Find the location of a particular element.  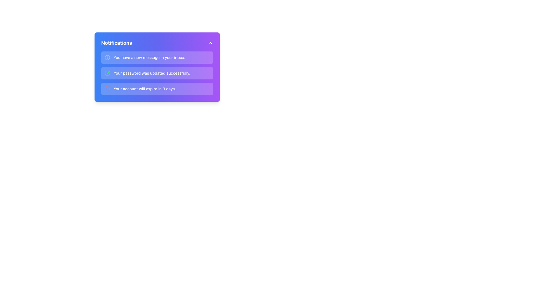

the alert icon located to the far left of the text 'Your account will expire in 3 days.' within the notification card to associate it with the accompanying text is located at coordinates (107, 88).